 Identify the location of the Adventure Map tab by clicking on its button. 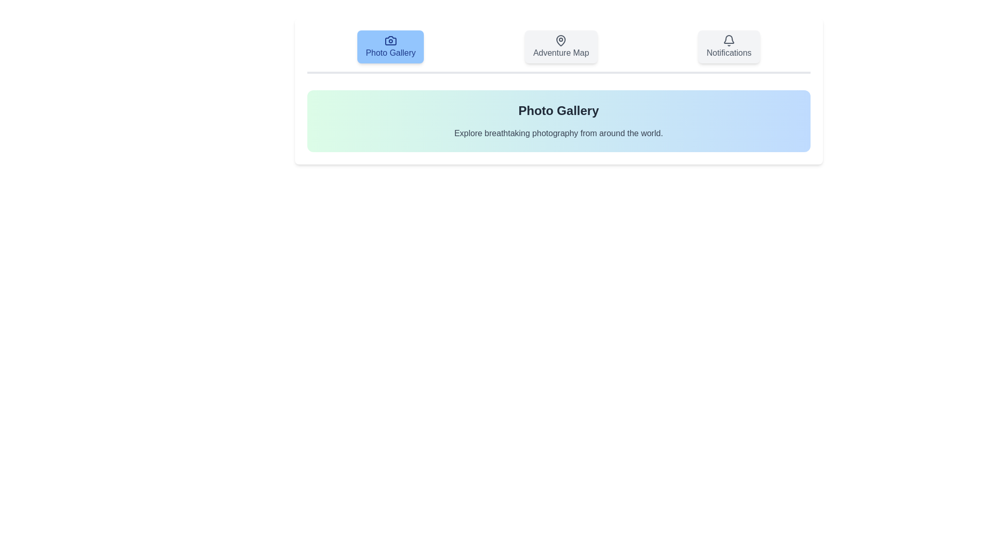
(560, 47).